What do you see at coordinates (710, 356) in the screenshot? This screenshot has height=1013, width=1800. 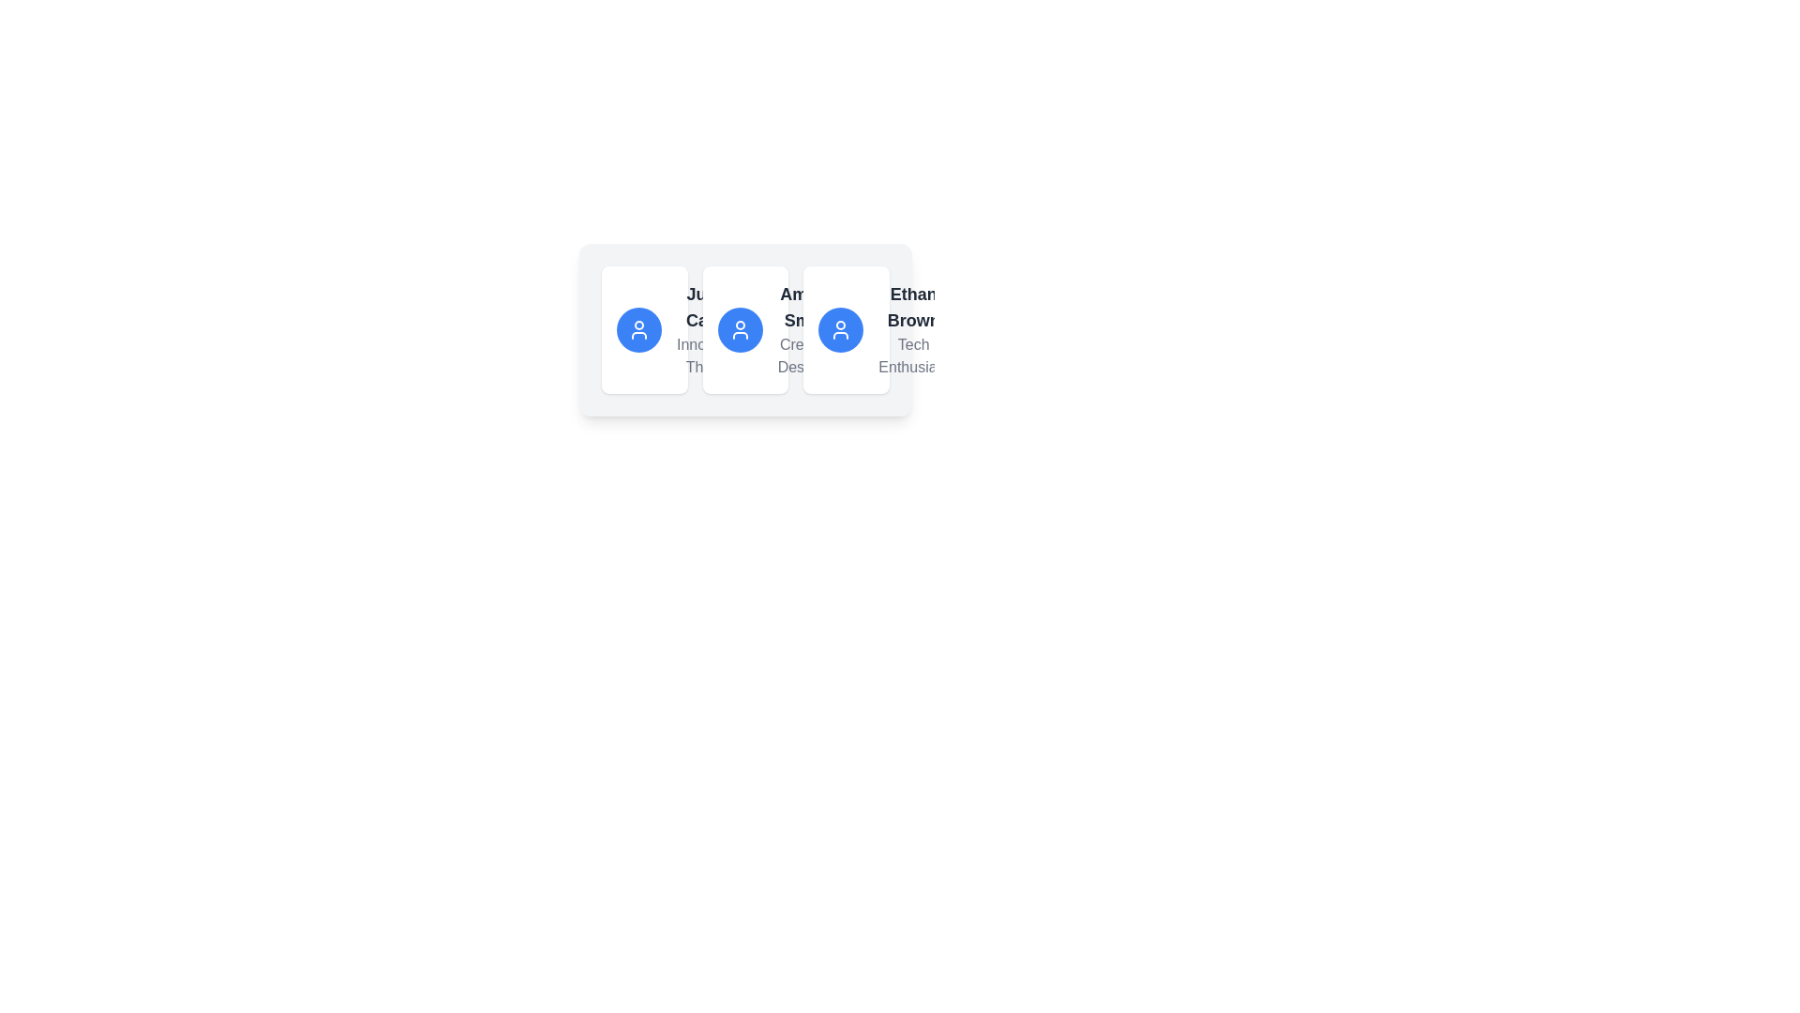 I see `the text label describing 'Julian Carter' as 'Innovative Thinker', which is the second text component in the profile card` at bounding box center [710, 356].